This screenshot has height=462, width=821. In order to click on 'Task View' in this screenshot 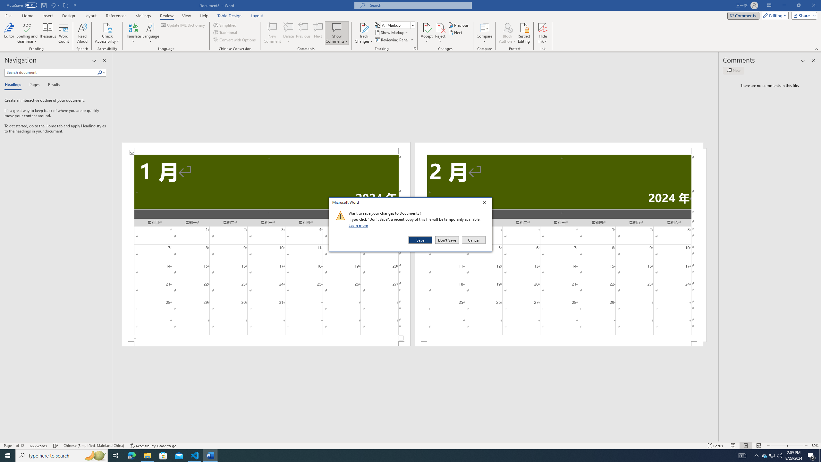, I will do `click(115, 455)`.